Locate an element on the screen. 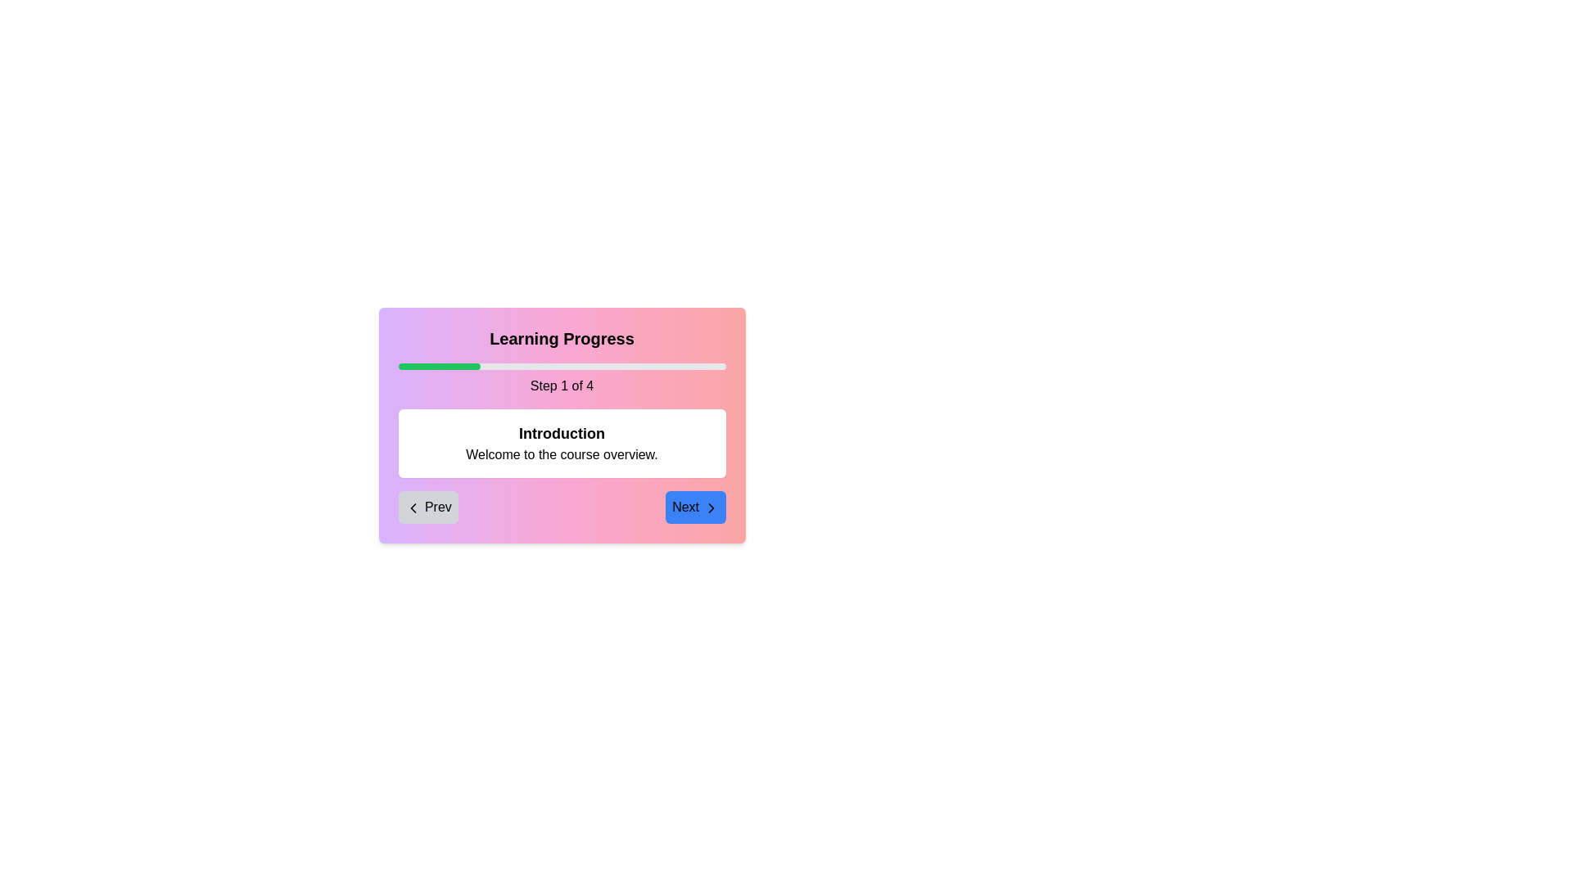  the green progress bar segment under the 'Learning Progress' title located at the top of the card is located at coordinates (439, 365).